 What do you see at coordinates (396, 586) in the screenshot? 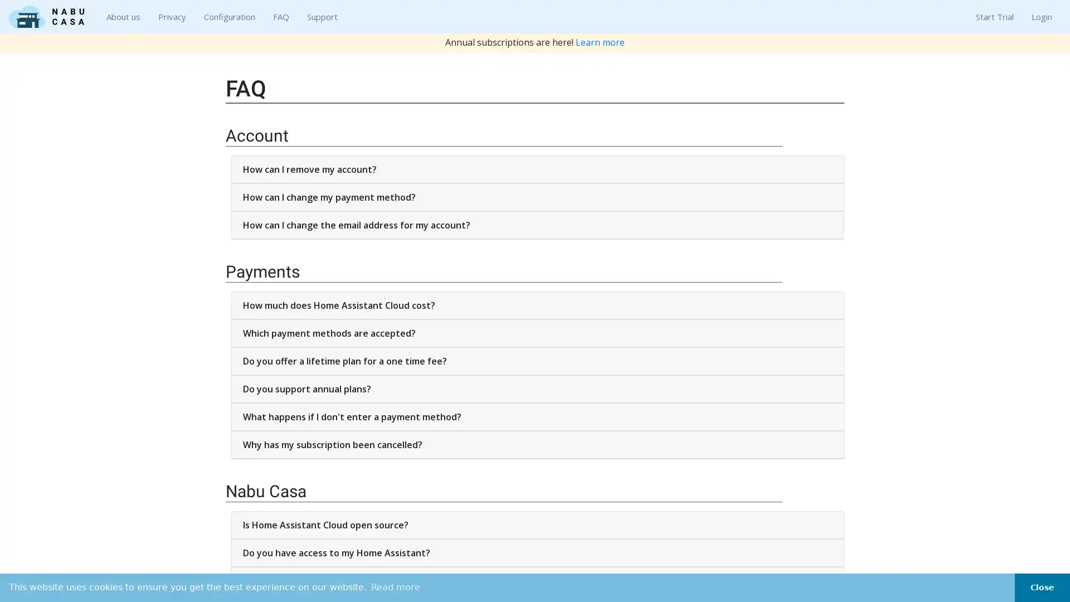
I see `learn more about cookies` at bounding box center [396, 586].